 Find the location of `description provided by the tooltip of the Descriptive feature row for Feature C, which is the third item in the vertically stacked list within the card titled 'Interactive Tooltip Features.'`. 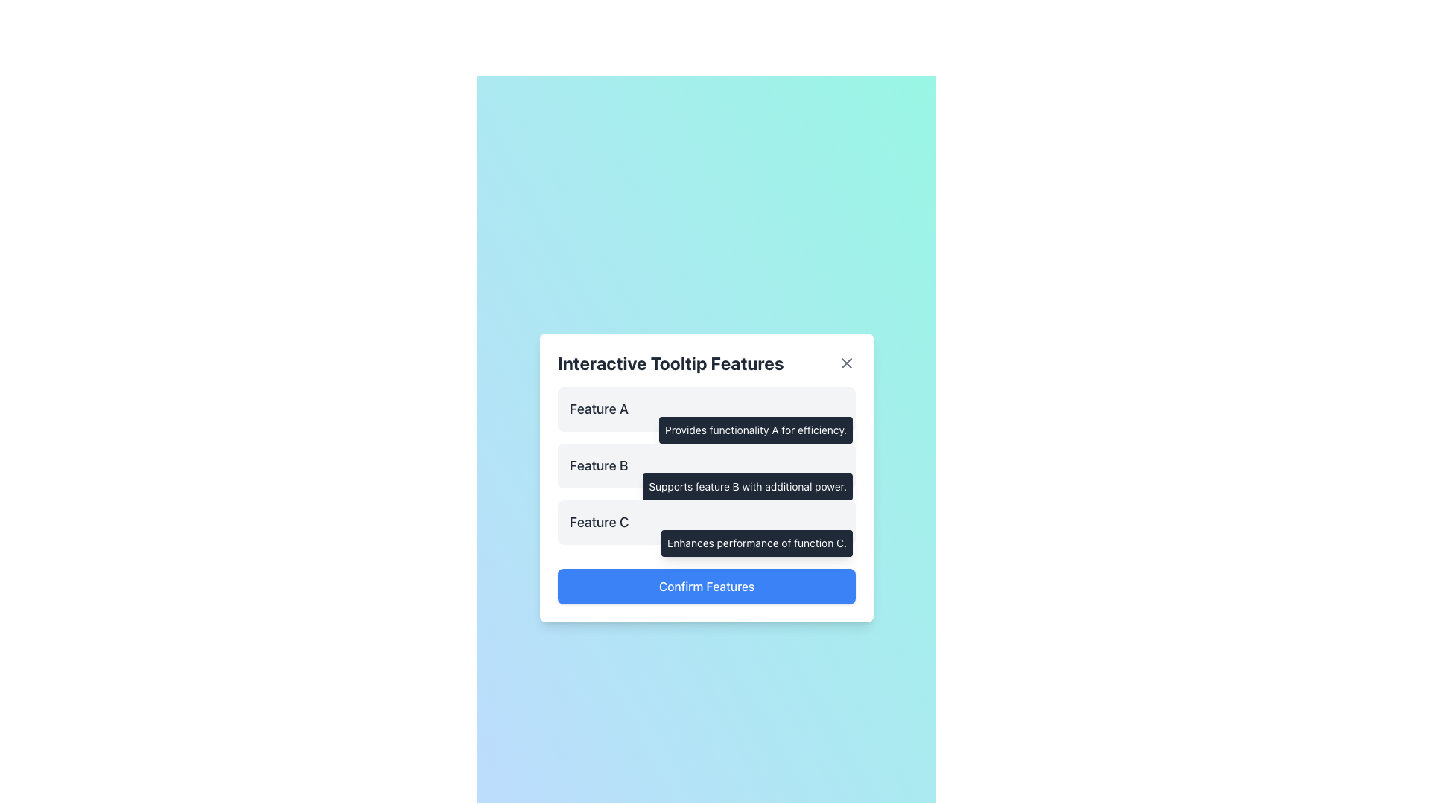

description provided by the tooltip of the Descriptive feature row for Feature C, which is the third item in the vertically stacked list within the card titled 'Interactive Tooltip Features.' is located at coordinates (706, 522).